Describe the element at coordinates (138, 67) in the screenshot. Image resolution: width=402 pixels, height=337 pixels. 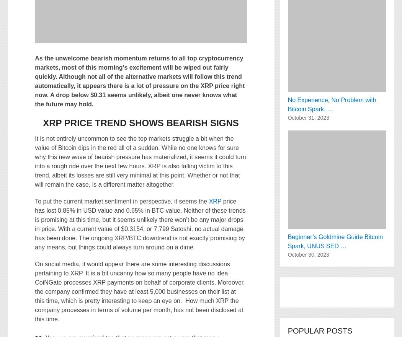
I see `'As the unwelcome bearish momentum returns to all top cryptocurrency markets, most of this morning’s excitement will be wiped out fairly quickly. Although not all of the alternative markets will follow this trend'` at that location.